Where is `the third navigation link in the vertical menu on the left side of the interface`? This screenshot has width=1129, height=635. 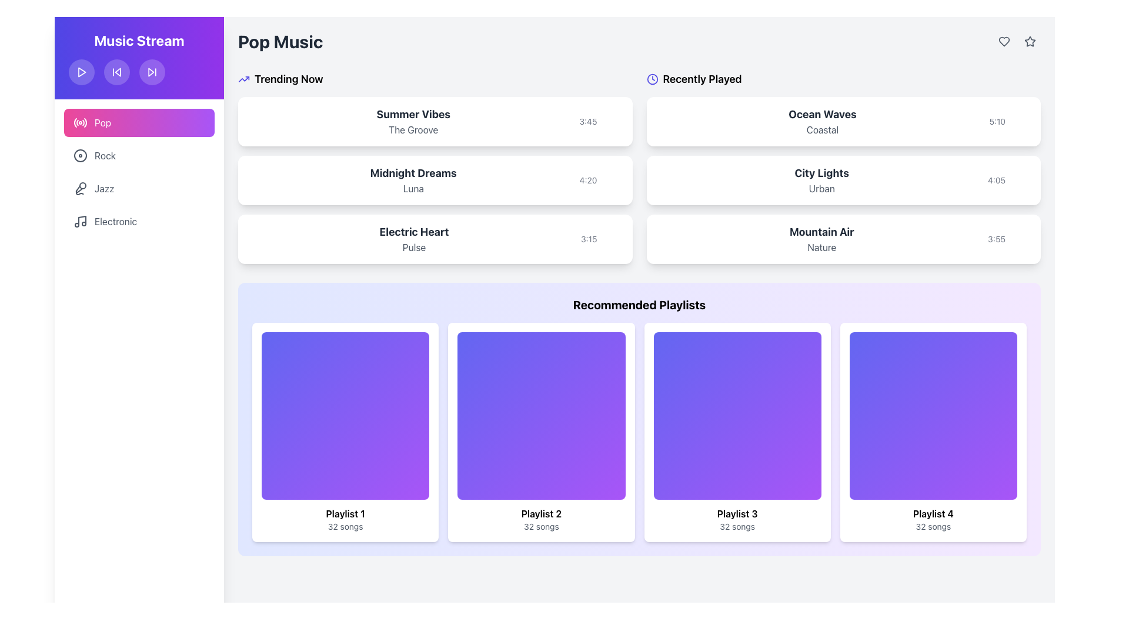
the third navigation link in the vertical menu on the left side of the interface is located at coordinates (104, 188).